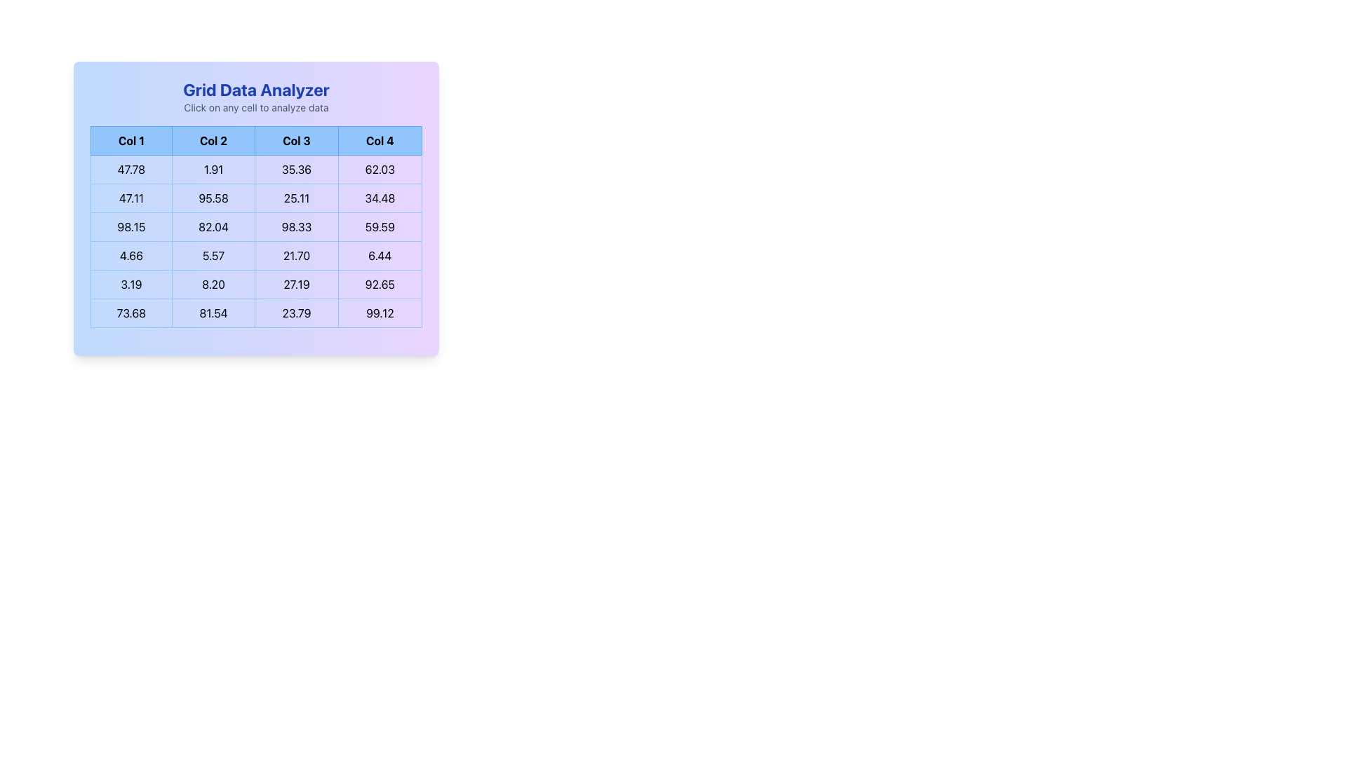 Image resolution: width=1347 pixels, height=757 pixels. Describe the element at coordinates (295, 284) in the screenshot. I see `text content of the data grid cell displaying the numeric value '27.19', which is the third cell in the fourth row of the grid` at that location.